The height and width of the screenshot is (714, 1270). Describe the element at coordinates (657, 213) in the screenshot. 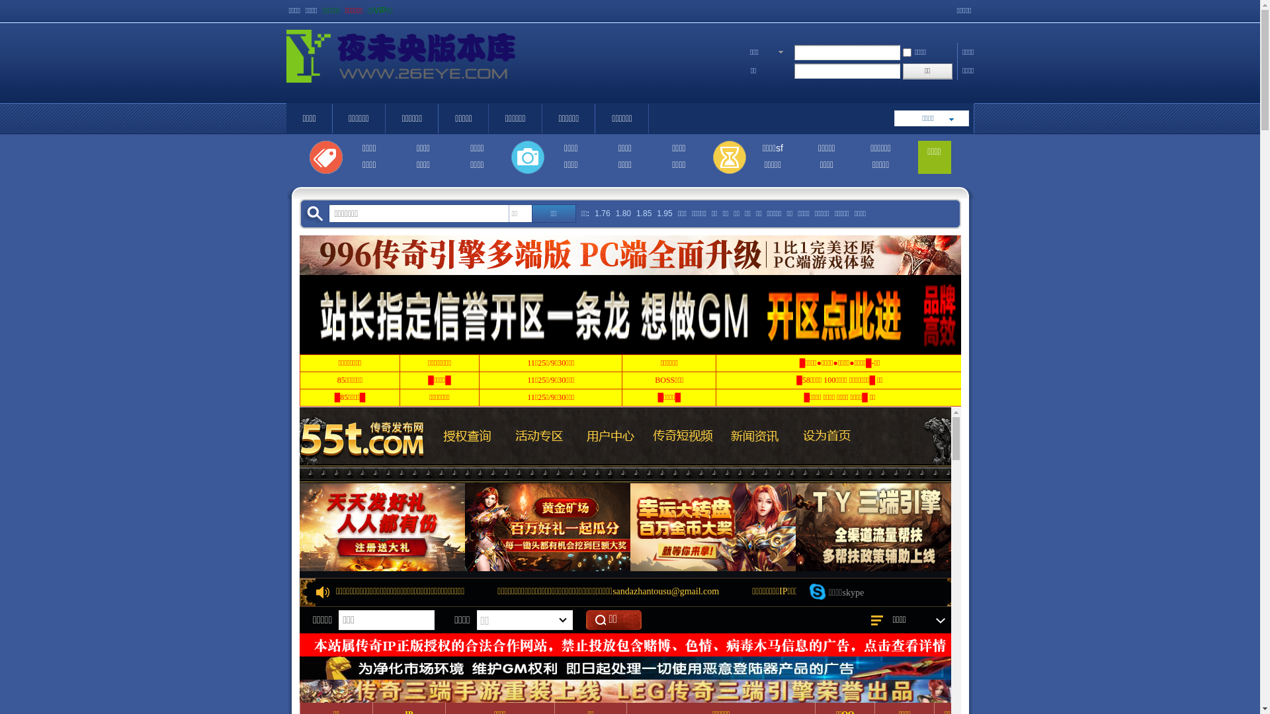

I see `'1.95'` at that location.